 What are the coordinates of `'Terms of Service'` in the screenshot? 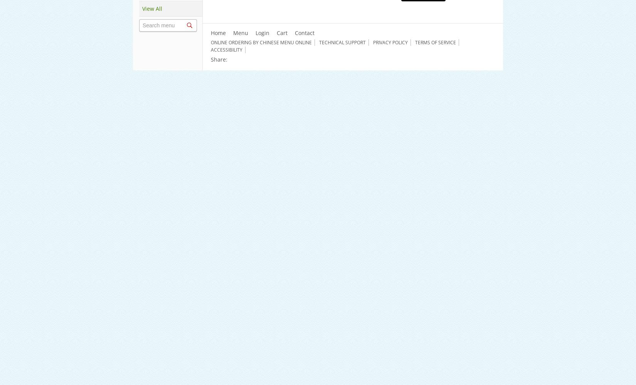 It's located at (414, 42).